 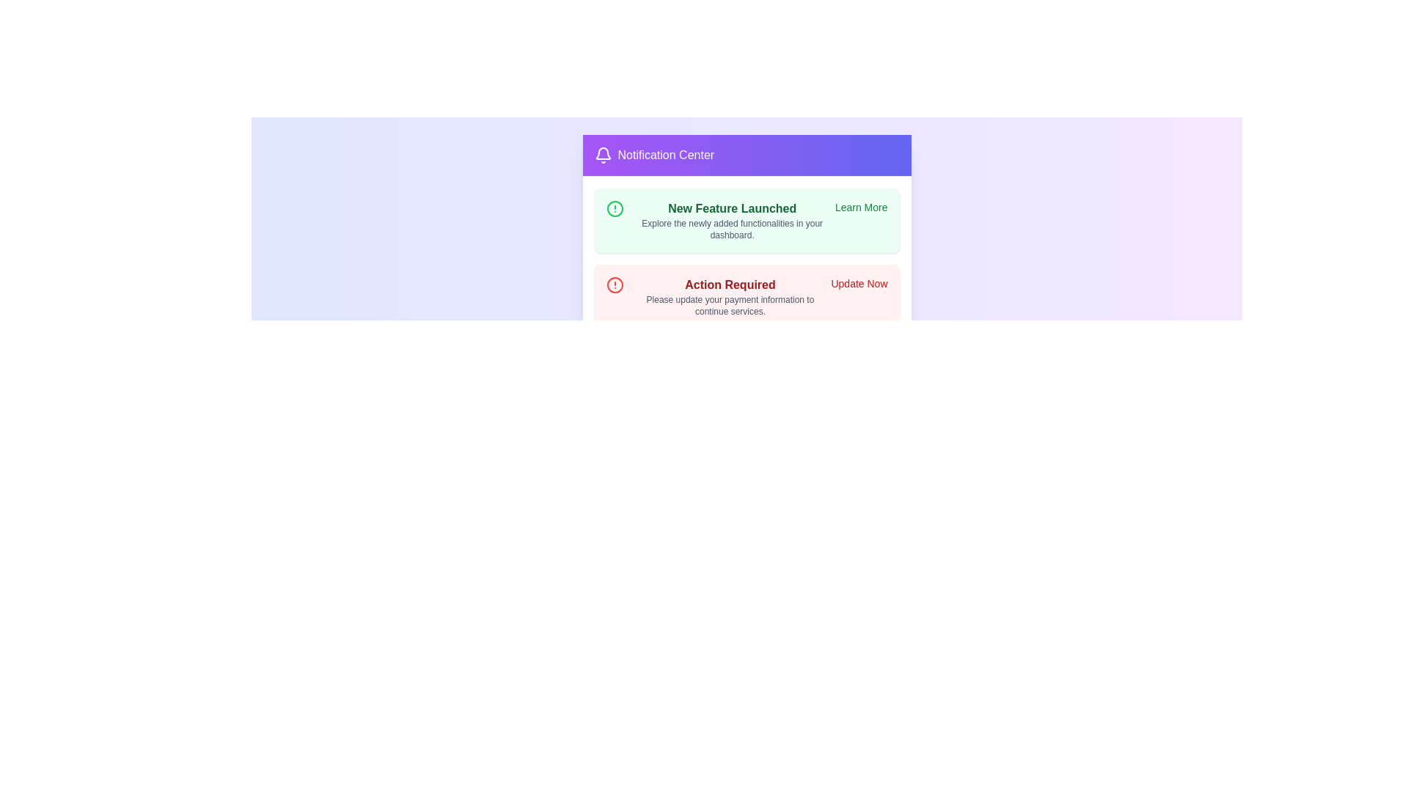 What do you see at coordinates (603, 155) in the screenshot?
I see `the notification icon located to the left of the 'Notification Center' text in the purple header section` at bounding box center [603, 155].